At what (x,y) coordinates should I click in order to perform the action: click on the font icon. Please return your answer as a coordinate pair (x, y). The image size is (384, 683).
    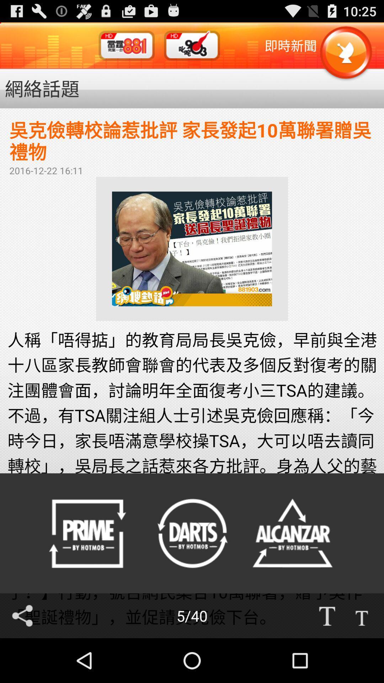
    Looking at the image, I should click on (362, 658).